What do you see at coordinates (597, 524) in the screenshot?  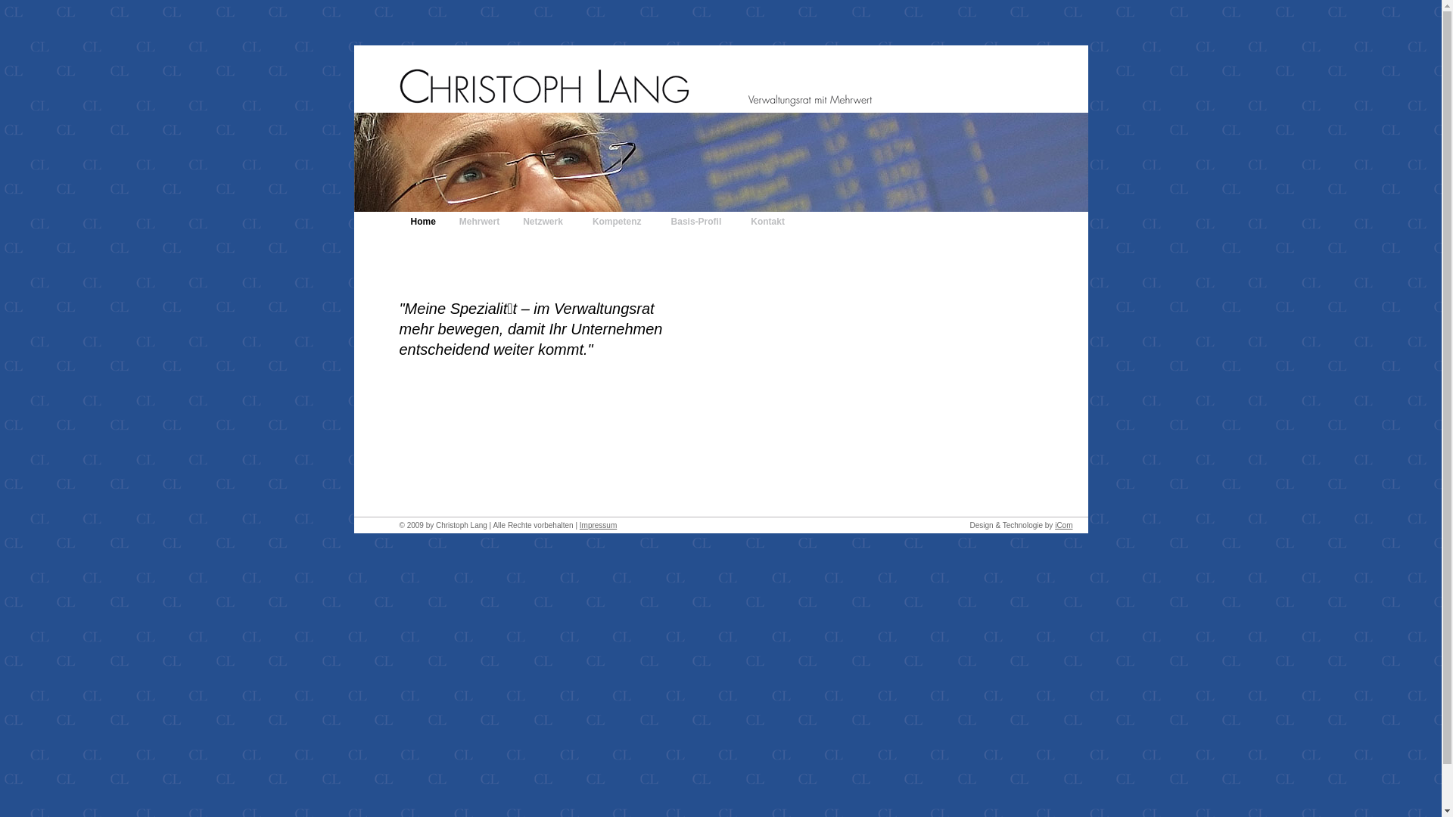 I see `'Impressum'` at bounding box center [597, 524].